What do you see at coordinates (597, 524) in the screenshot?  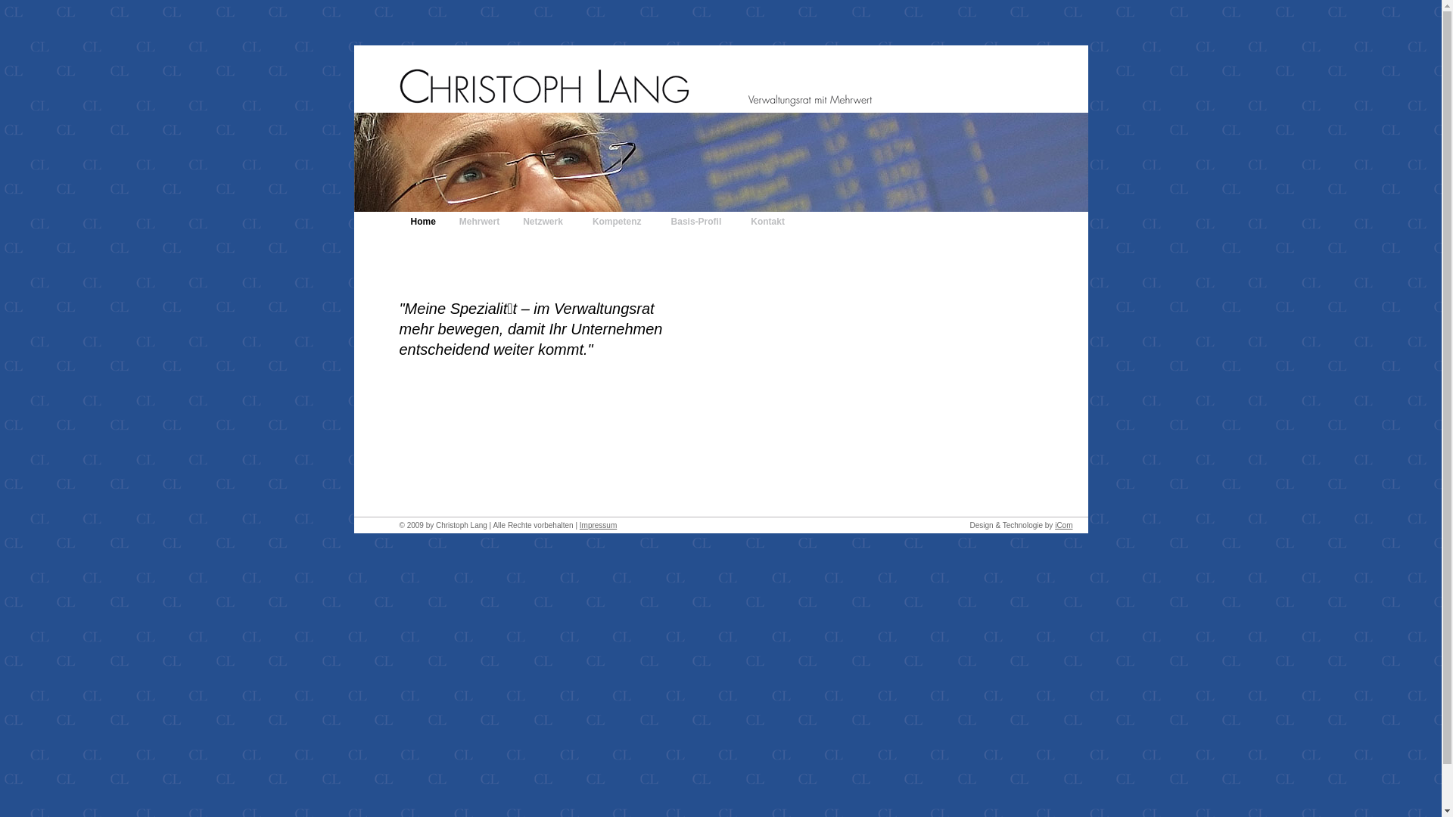 I see `'Impressum'` at bounding box center [597, 524].